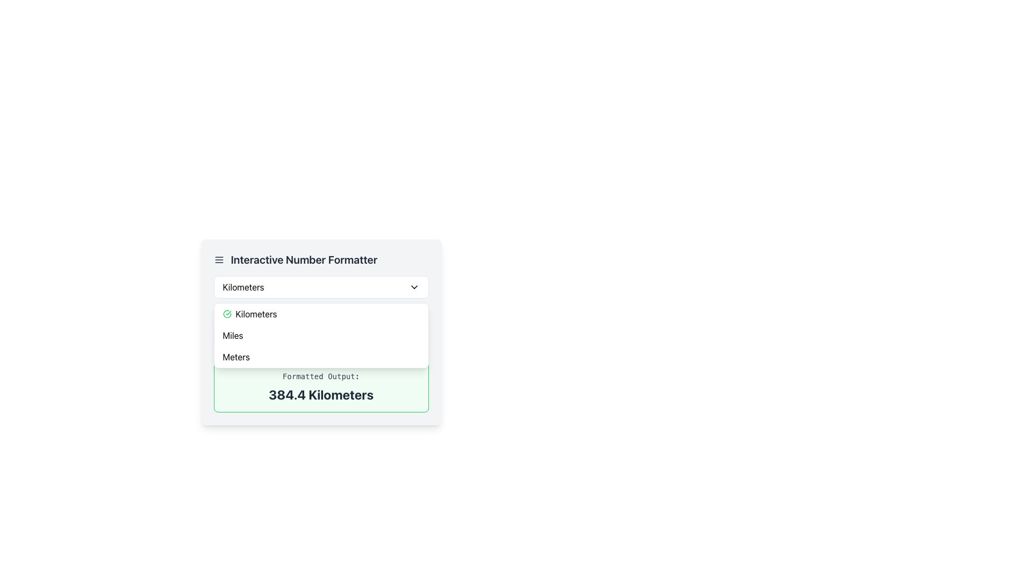 The width and height of the screenshot is (1032, 580). I want to click on the 'Meters' option in the dropdown menu, which is the last selectable unit of measurement positioned beneath 'Kilometers' and 'Miles', so click(235, 357).